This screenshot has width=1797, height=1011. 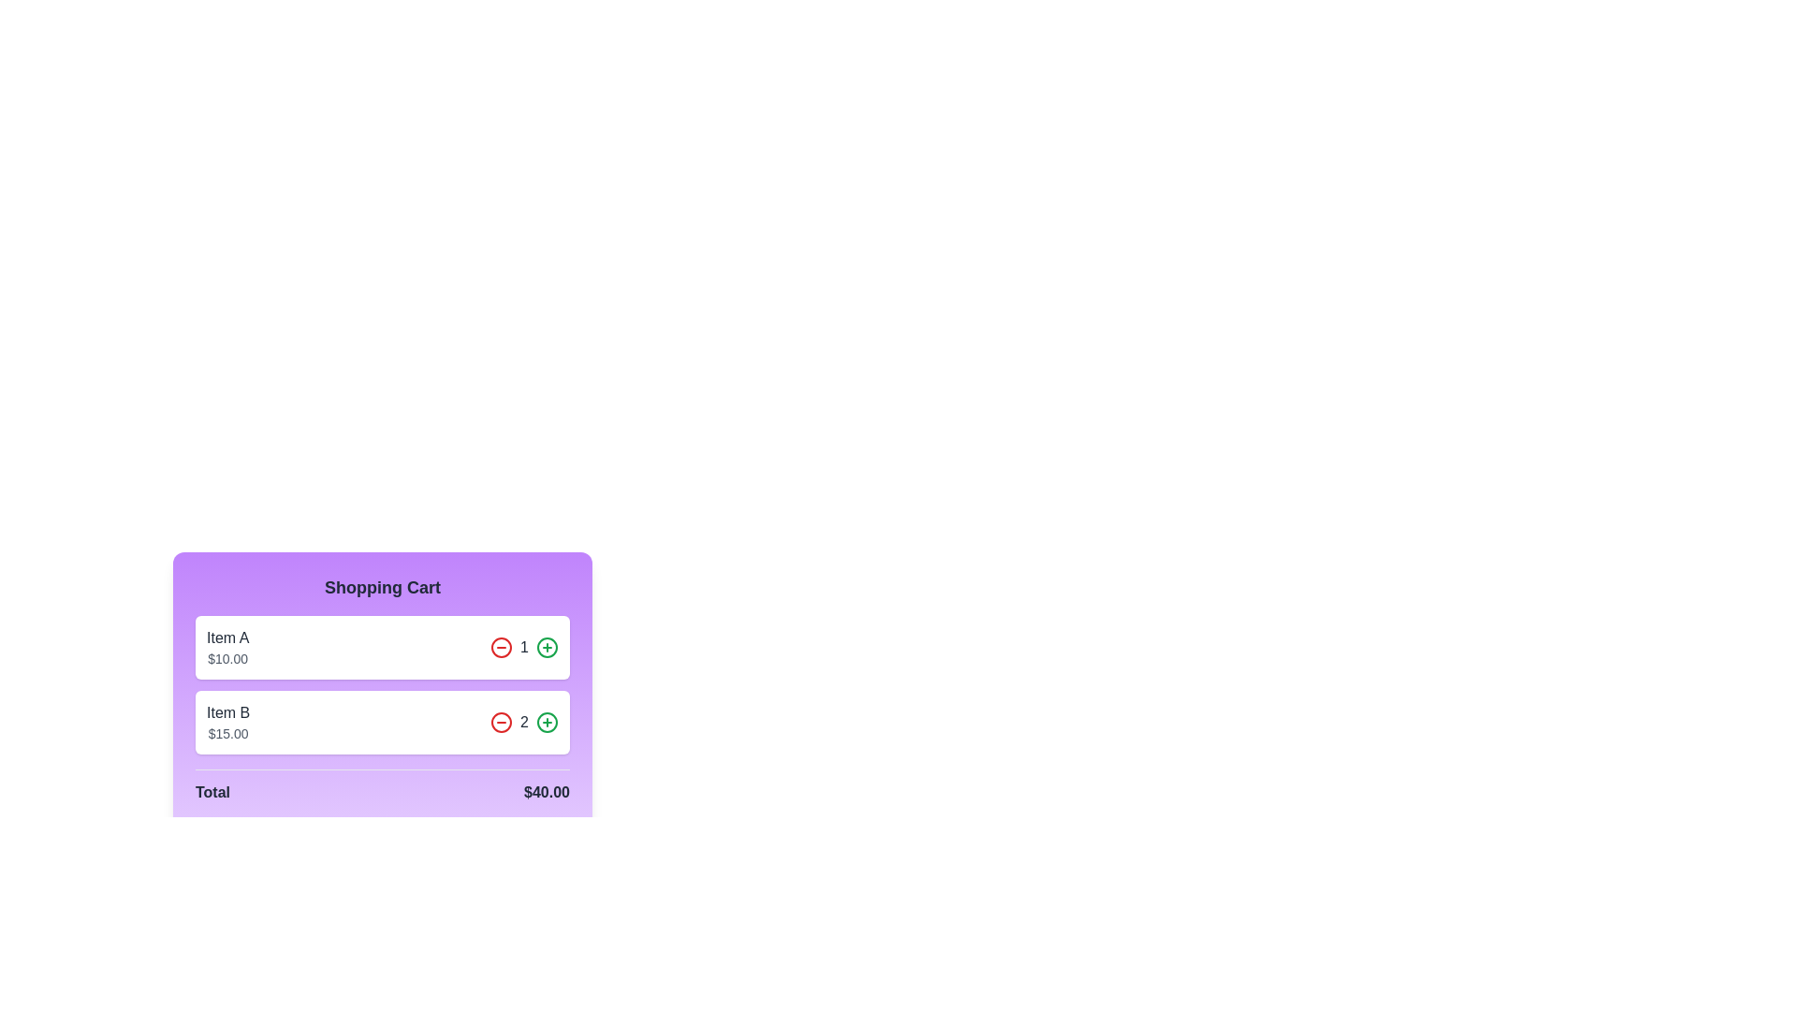 What do you see at coordinates (524, 646) in the screenshot?
I see `the numeric label displaying '1' that is centrally positioned between the red decrement and green increment buttons in the 'Item A' row of the shopping cart widget` at bounding box center [524, 646].